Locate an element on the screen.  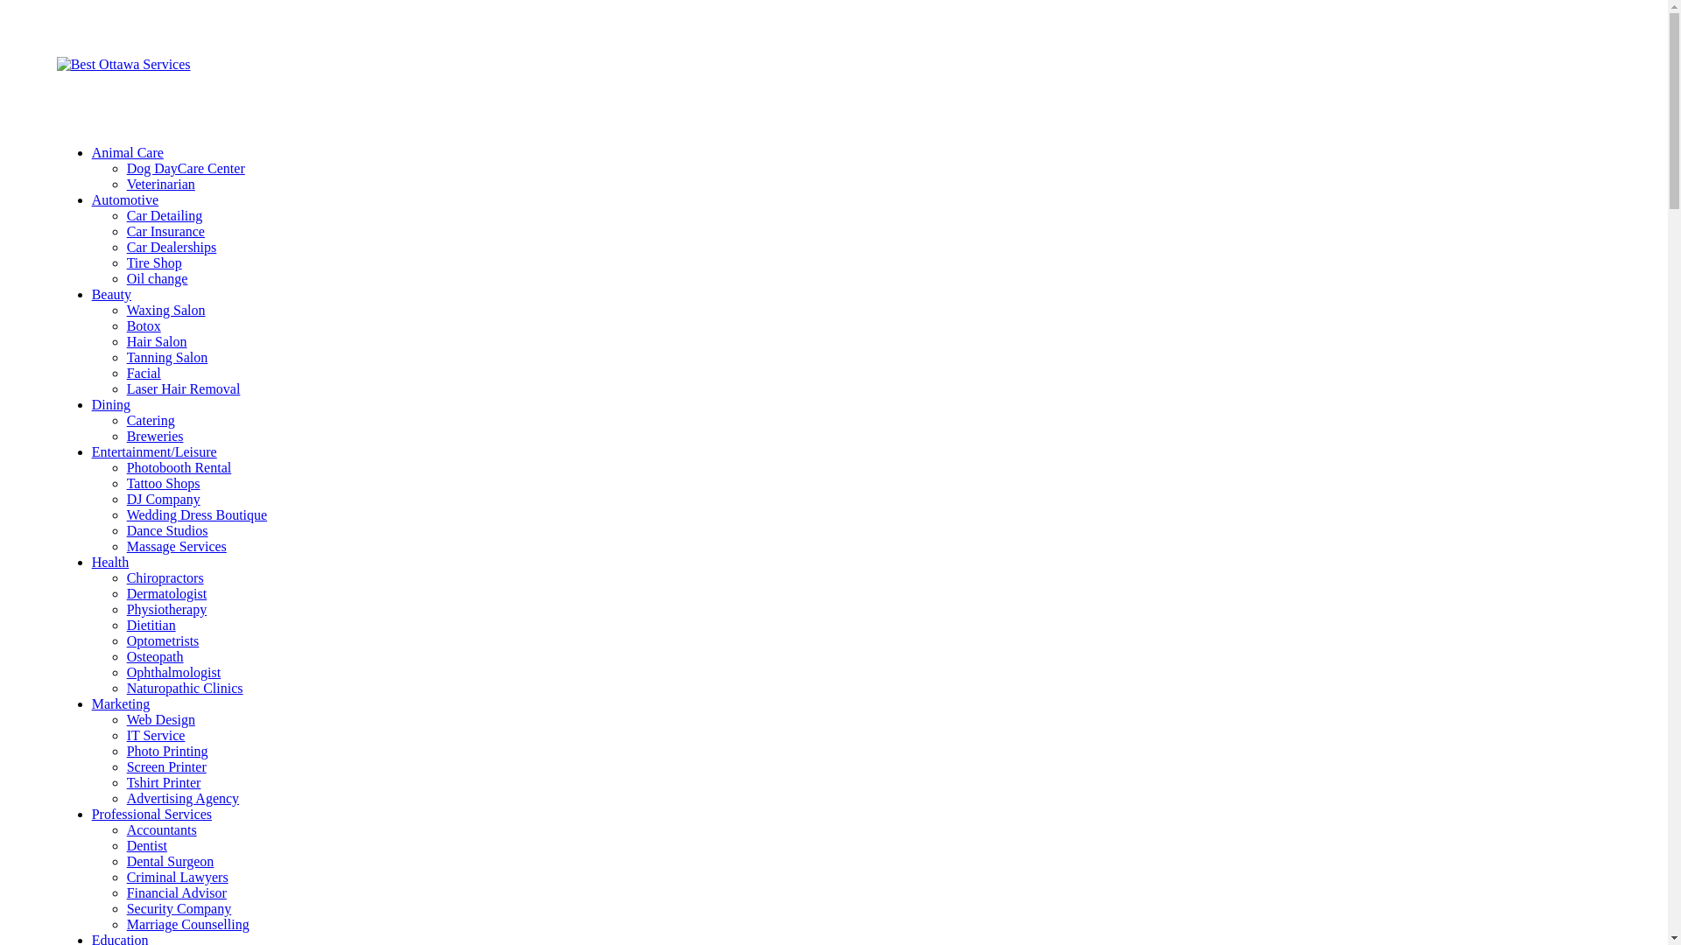
'Ophthalmologist' is located at coordinates (173, 671).